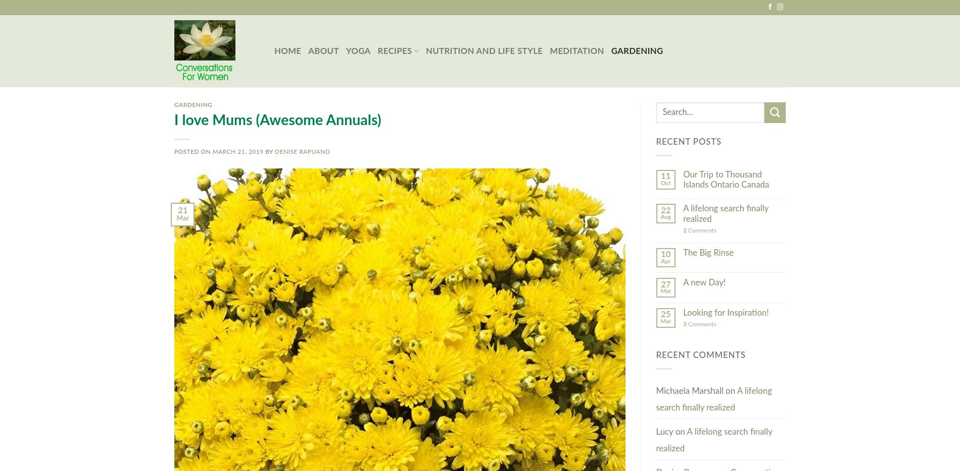 The height and width of the screenshot is (471, 960). I want to click on '22', so click(665, 209).